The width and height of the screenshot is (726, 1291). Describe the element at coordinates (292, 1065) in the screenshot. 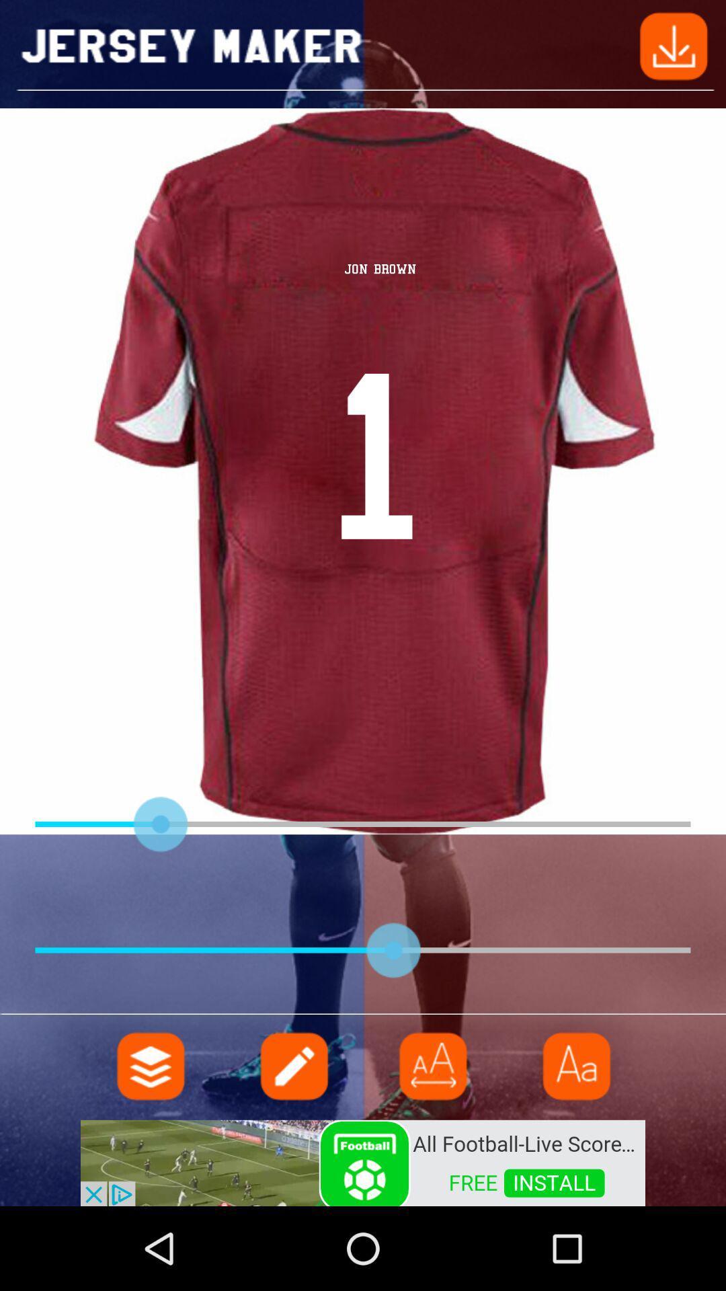

I see `seach pega` at that location.